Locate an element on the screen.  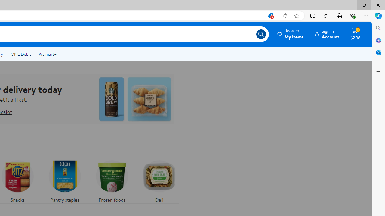
'ONE Debit' is located at coordinates (21, 54).